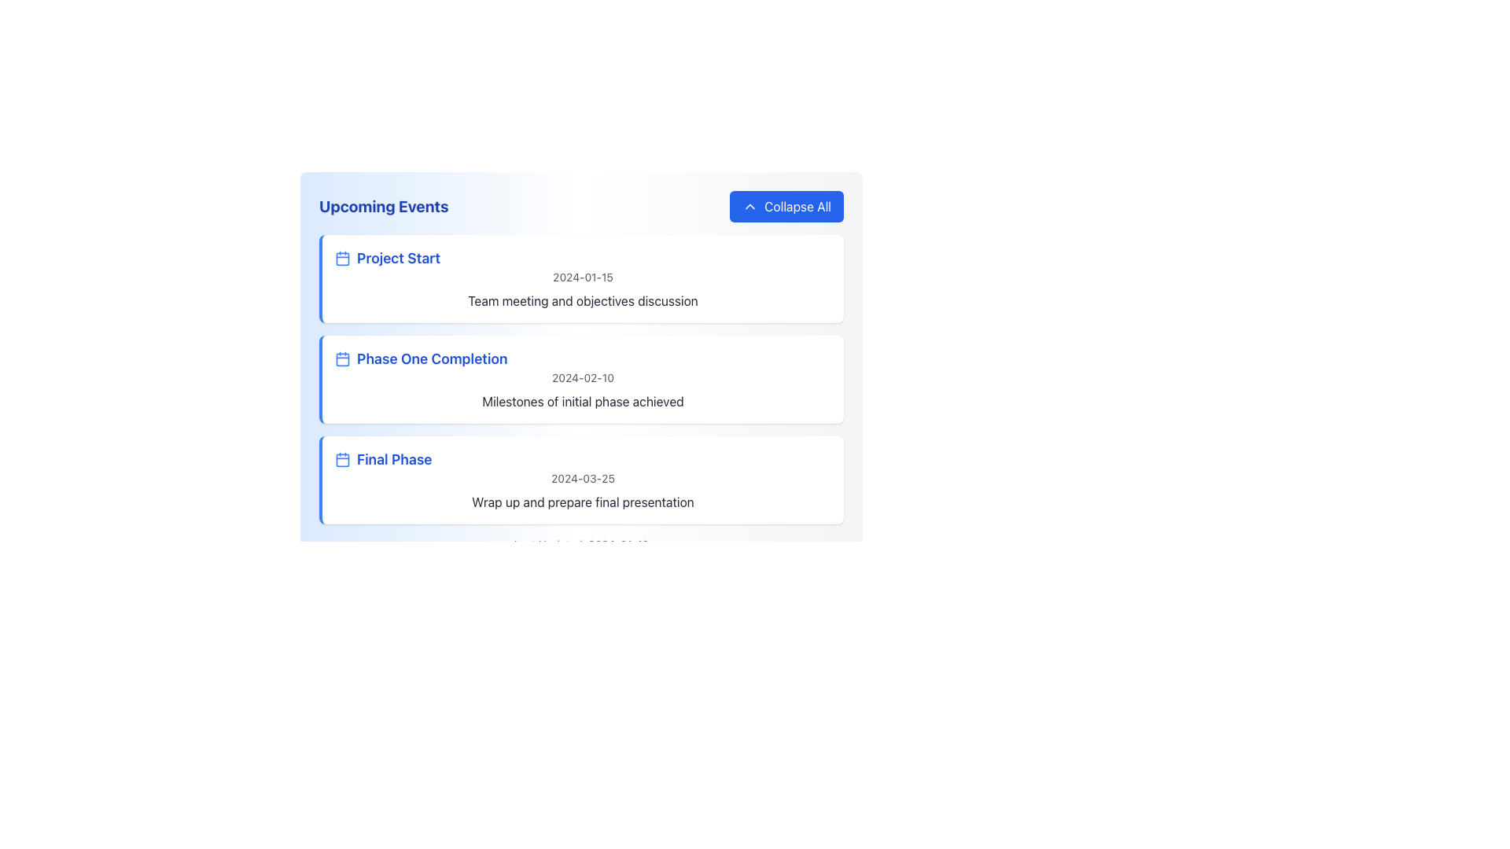  I want to click on the text label indicating the date associated with the 'Phase One Completion' milestone, located in the center-right portion of the card, so click(582, 378).